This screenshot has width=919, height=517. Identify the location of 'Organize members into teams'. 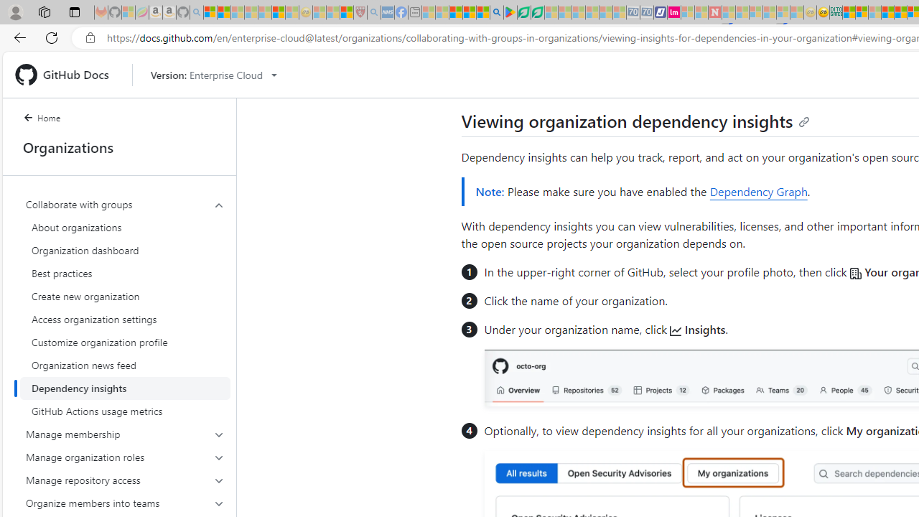
(125, 502).